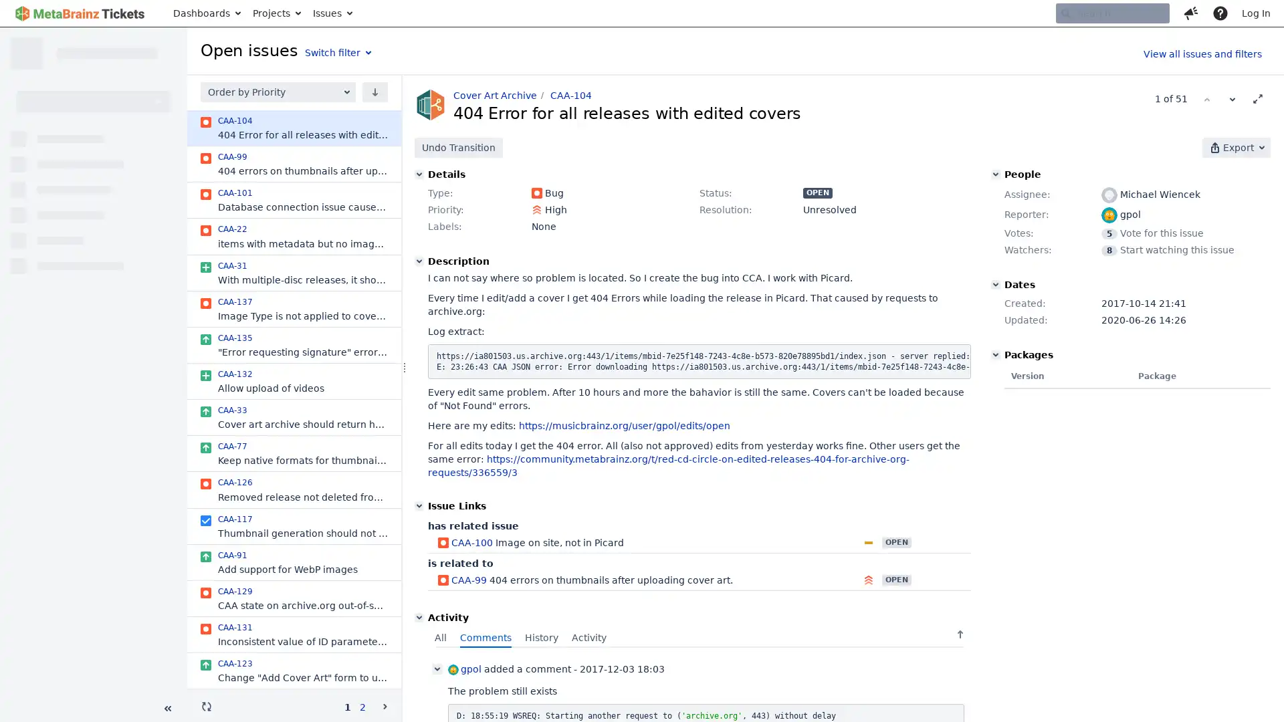  What do you see at coordinates (995, 354) in the screenshot?
I see `Packages` at bounding box center [995, 354].